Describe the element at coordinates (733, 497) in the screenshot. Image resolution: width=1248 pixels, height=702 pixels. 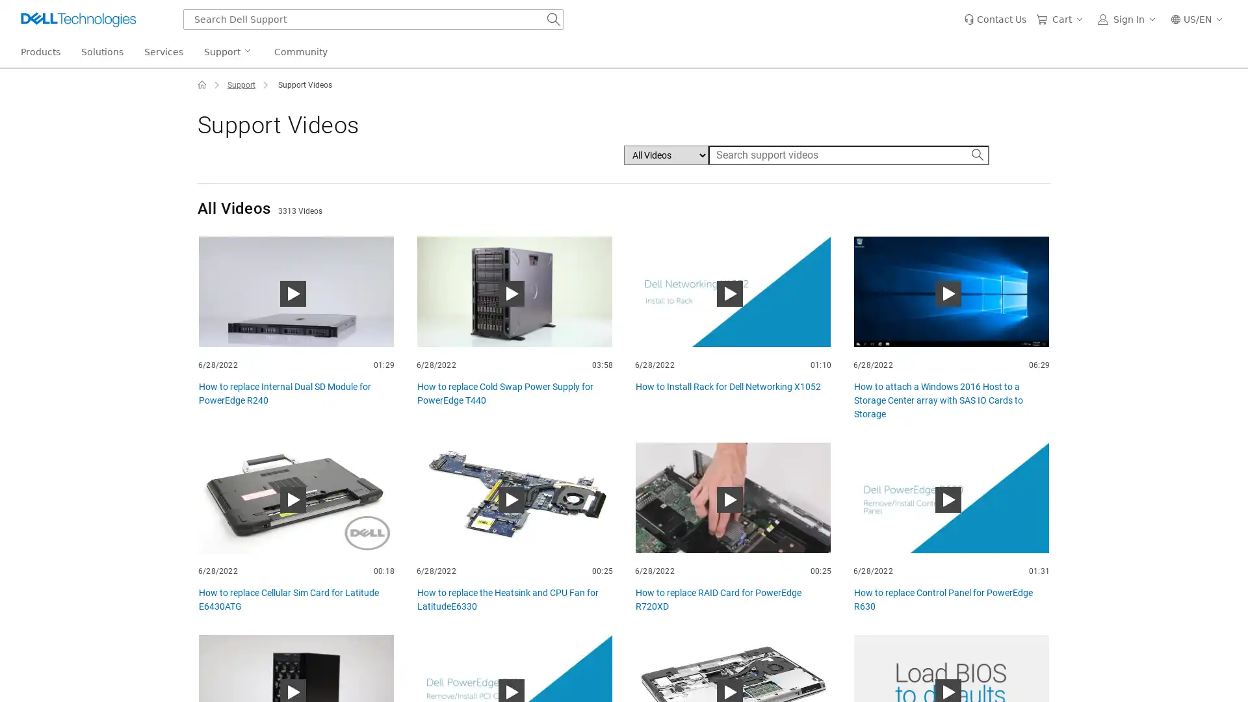
I see `How to replace RAID Card for PowerEdge R720XD Play` at that location.